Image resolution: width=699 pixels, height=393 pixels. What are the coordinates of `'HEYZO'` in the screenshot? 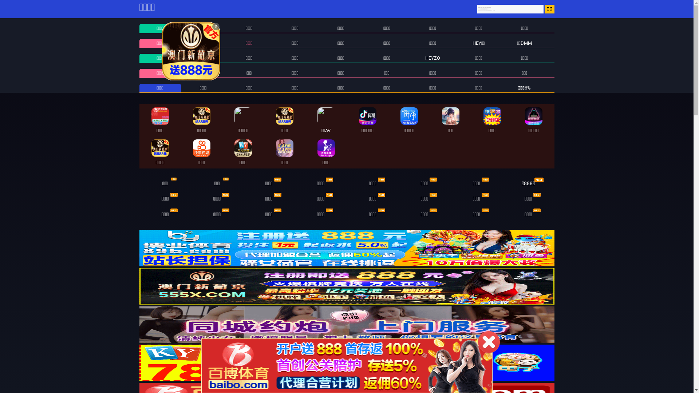 It's located at (433, 57).